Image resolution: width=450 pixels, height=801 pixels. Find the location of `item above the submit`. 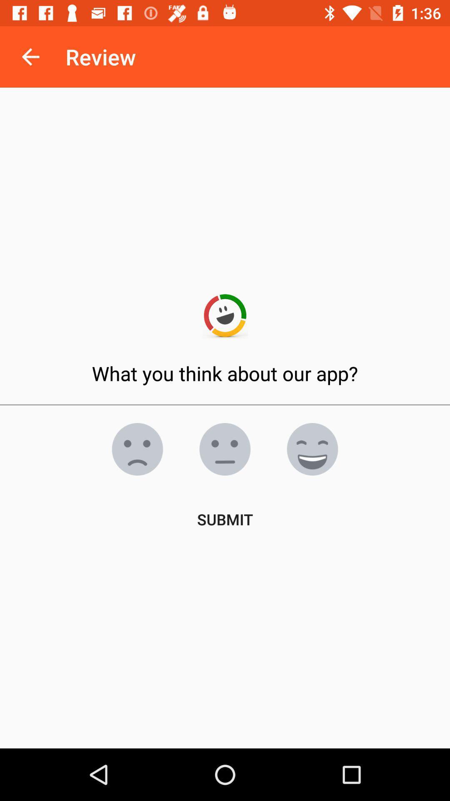

item above the submit is located at coordinates (225, 448).